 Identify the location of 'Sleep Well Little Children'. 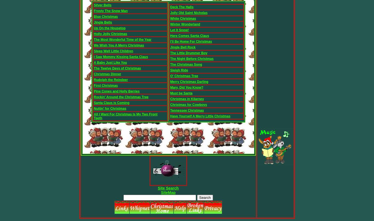
(113, 51).